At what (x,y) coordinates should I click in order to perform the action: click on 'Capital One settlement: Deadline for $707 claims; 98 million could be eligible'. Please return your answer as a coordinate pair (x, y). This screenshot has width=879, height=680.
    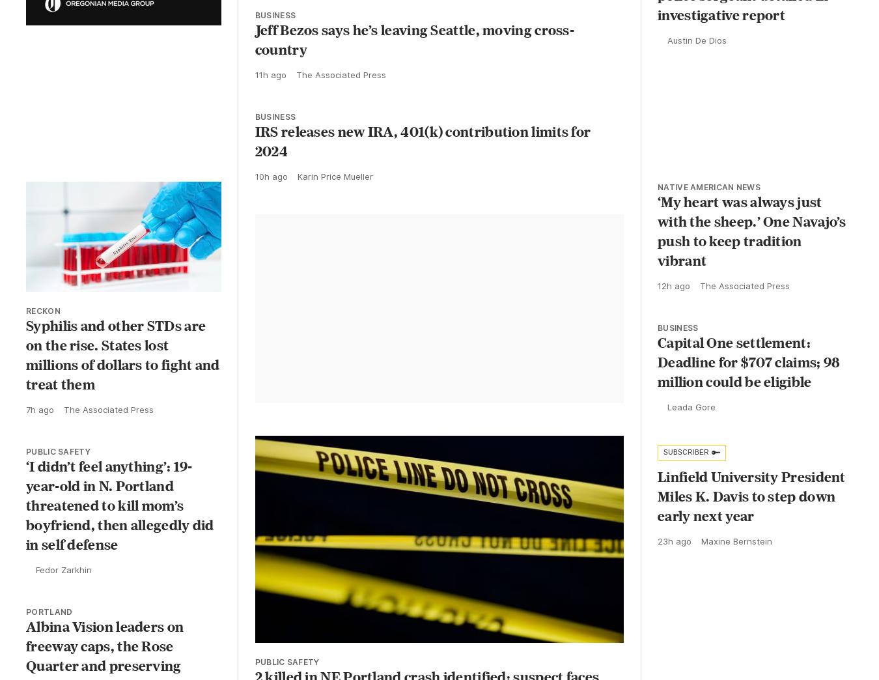
    Looking at the image, I should click on (748, 373).